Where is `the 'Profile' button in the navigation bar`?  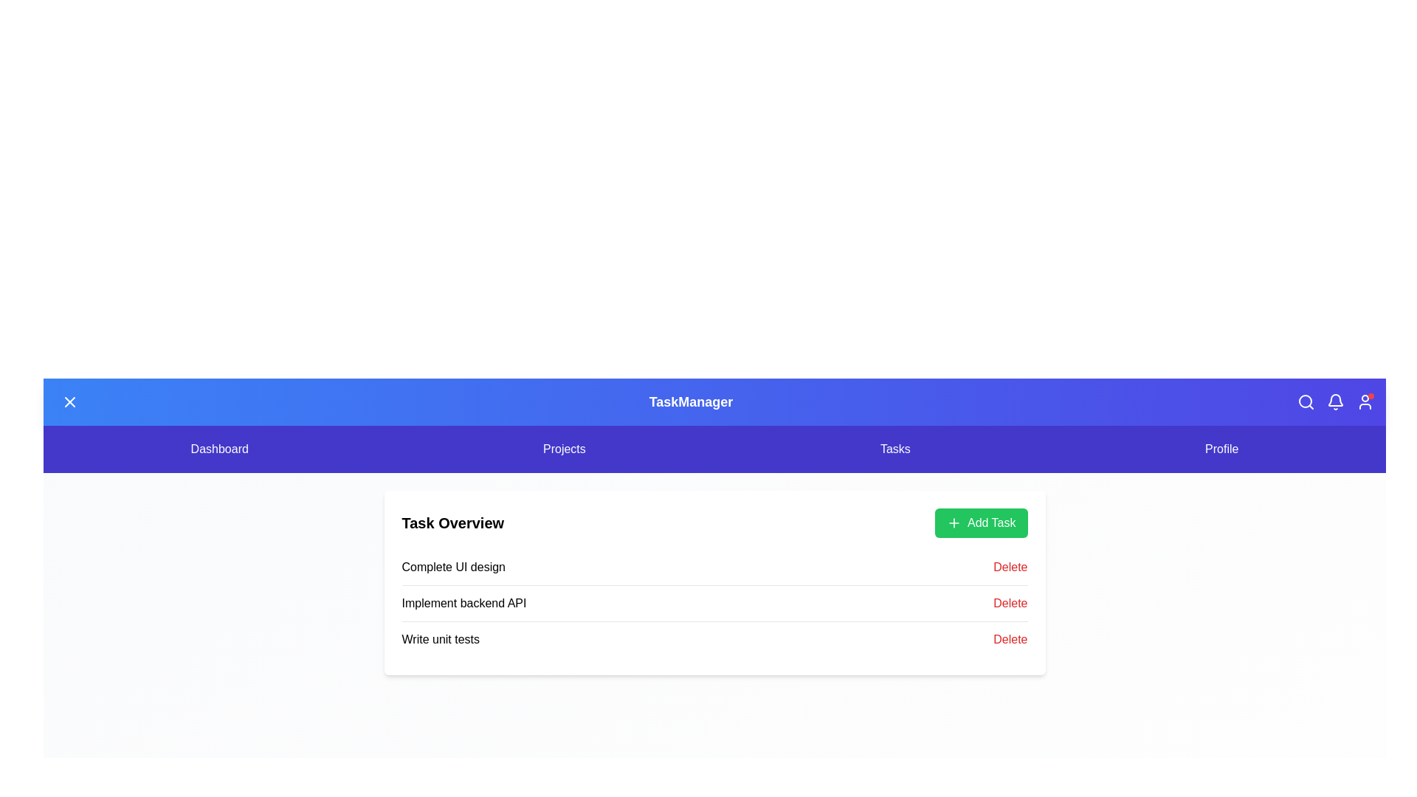 the 'Profile' button in the navigation bar is located at coordinates (1221, 449).